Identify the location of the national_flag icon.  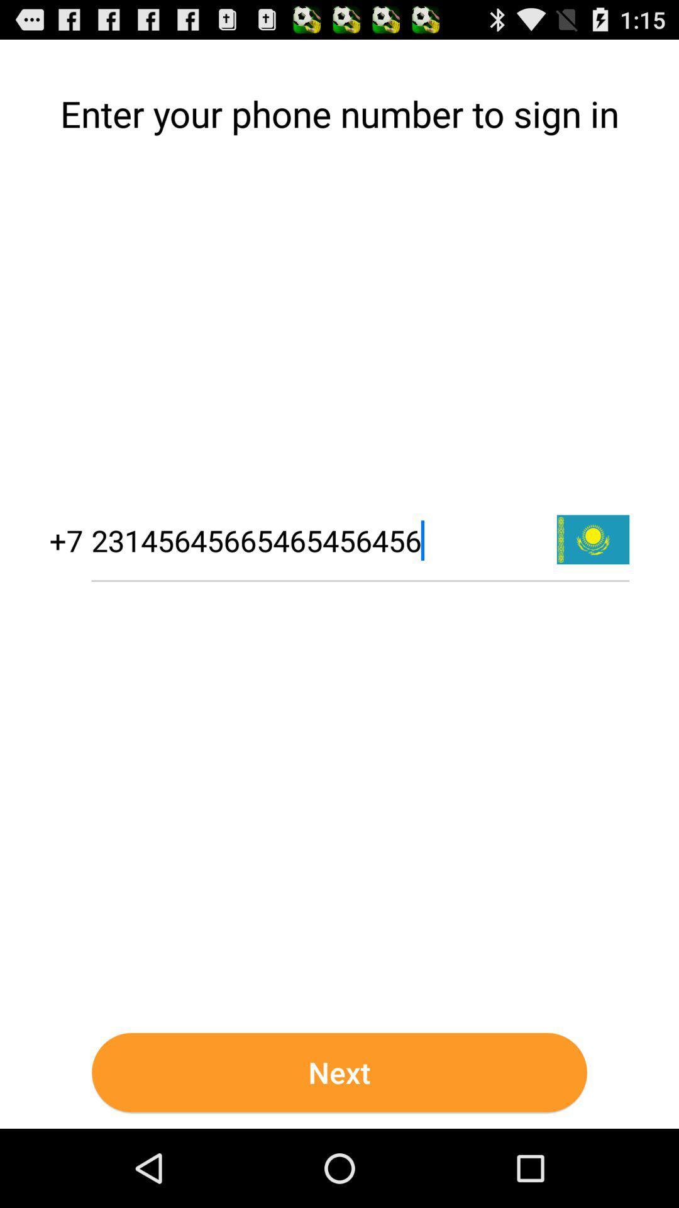
(593, 581).